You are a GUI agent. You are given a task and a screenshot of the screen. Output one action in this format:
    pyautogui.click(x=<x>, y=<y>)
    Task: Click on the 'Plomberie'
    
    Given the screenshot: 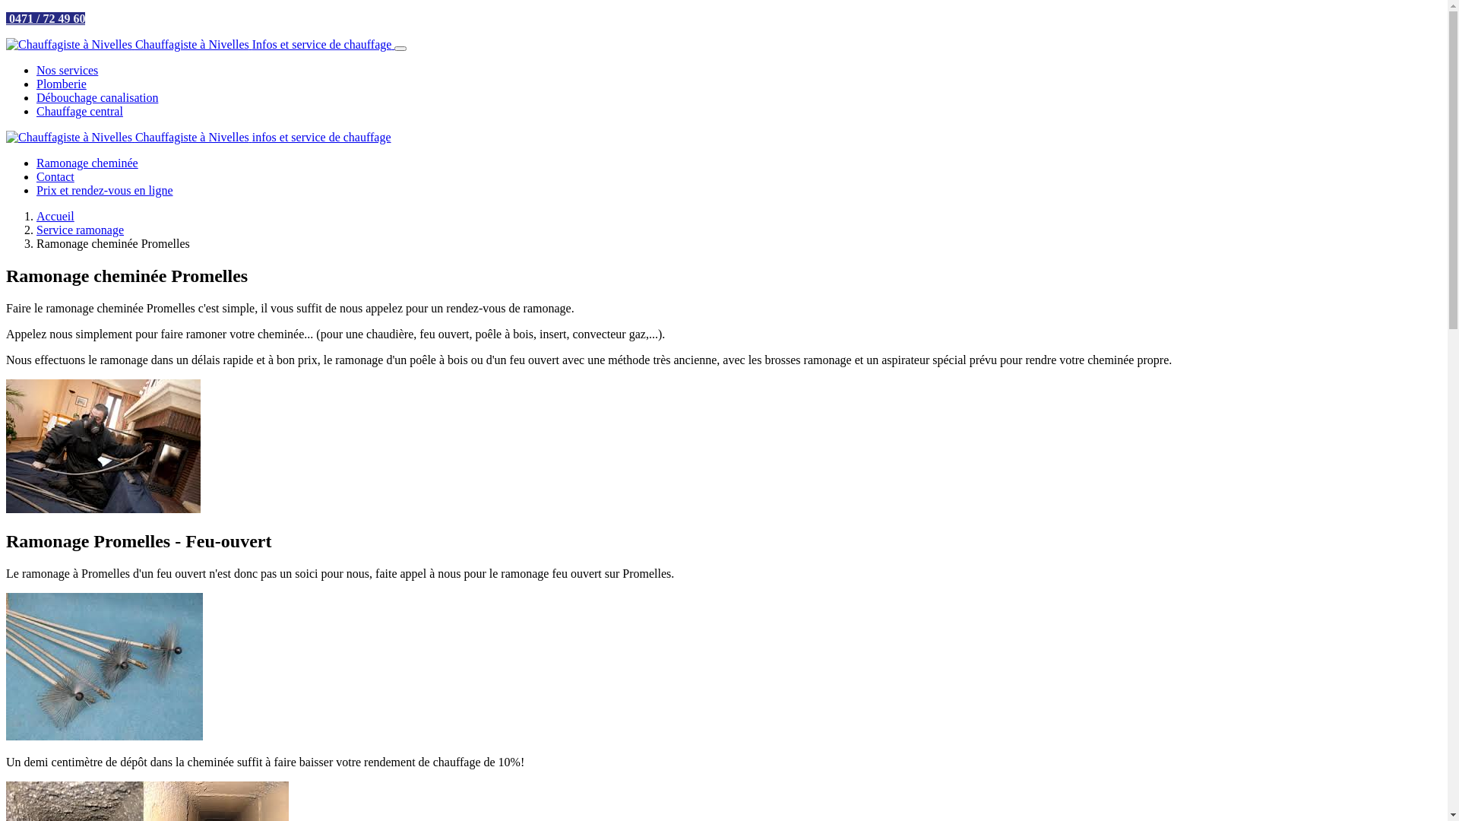 What is the action you would take?
    pyautogui.click(x=61, y=84)
    